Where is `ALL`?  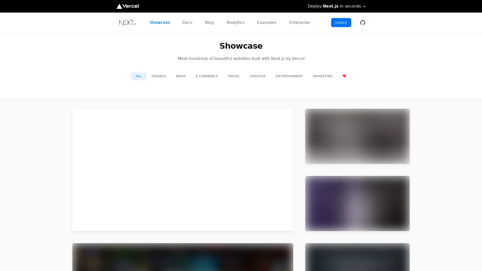 ALL is located at coordinates (139, 76).